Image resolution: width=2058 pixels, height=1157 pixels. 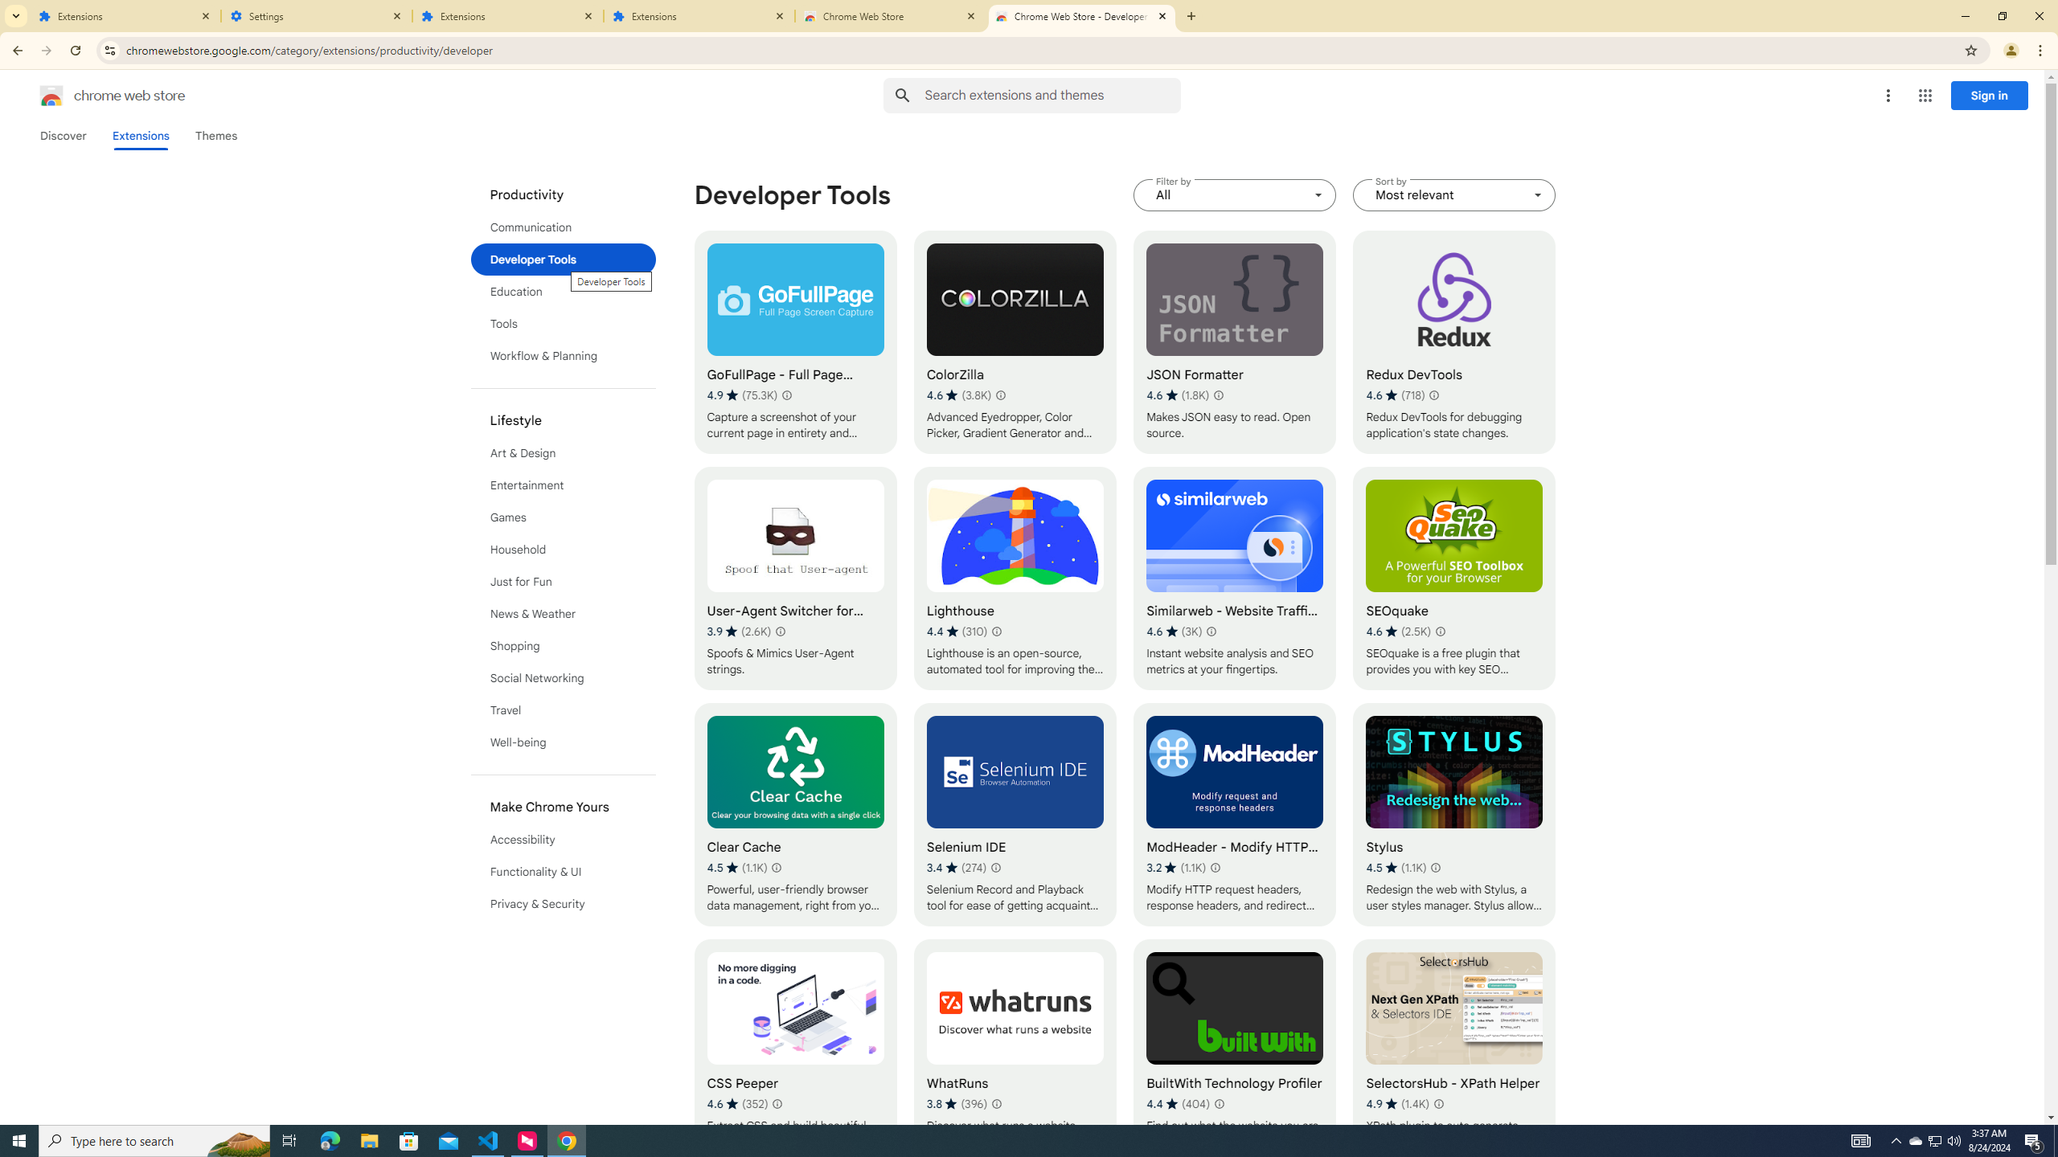 I want to click on 'Average rating 4.9 out of 5 stars. 75.3K ratings.', so click(x=740, y=395).